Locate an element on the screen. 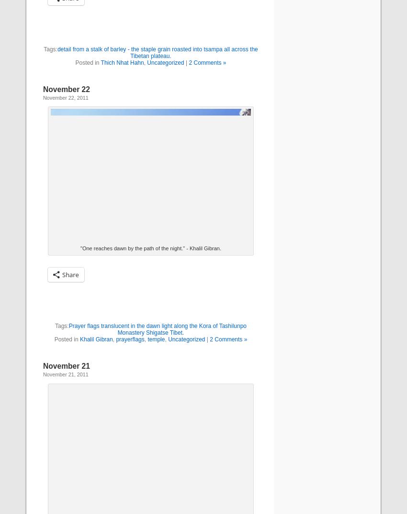  'Khalil Gibran' is located at coordinates (80, 339).